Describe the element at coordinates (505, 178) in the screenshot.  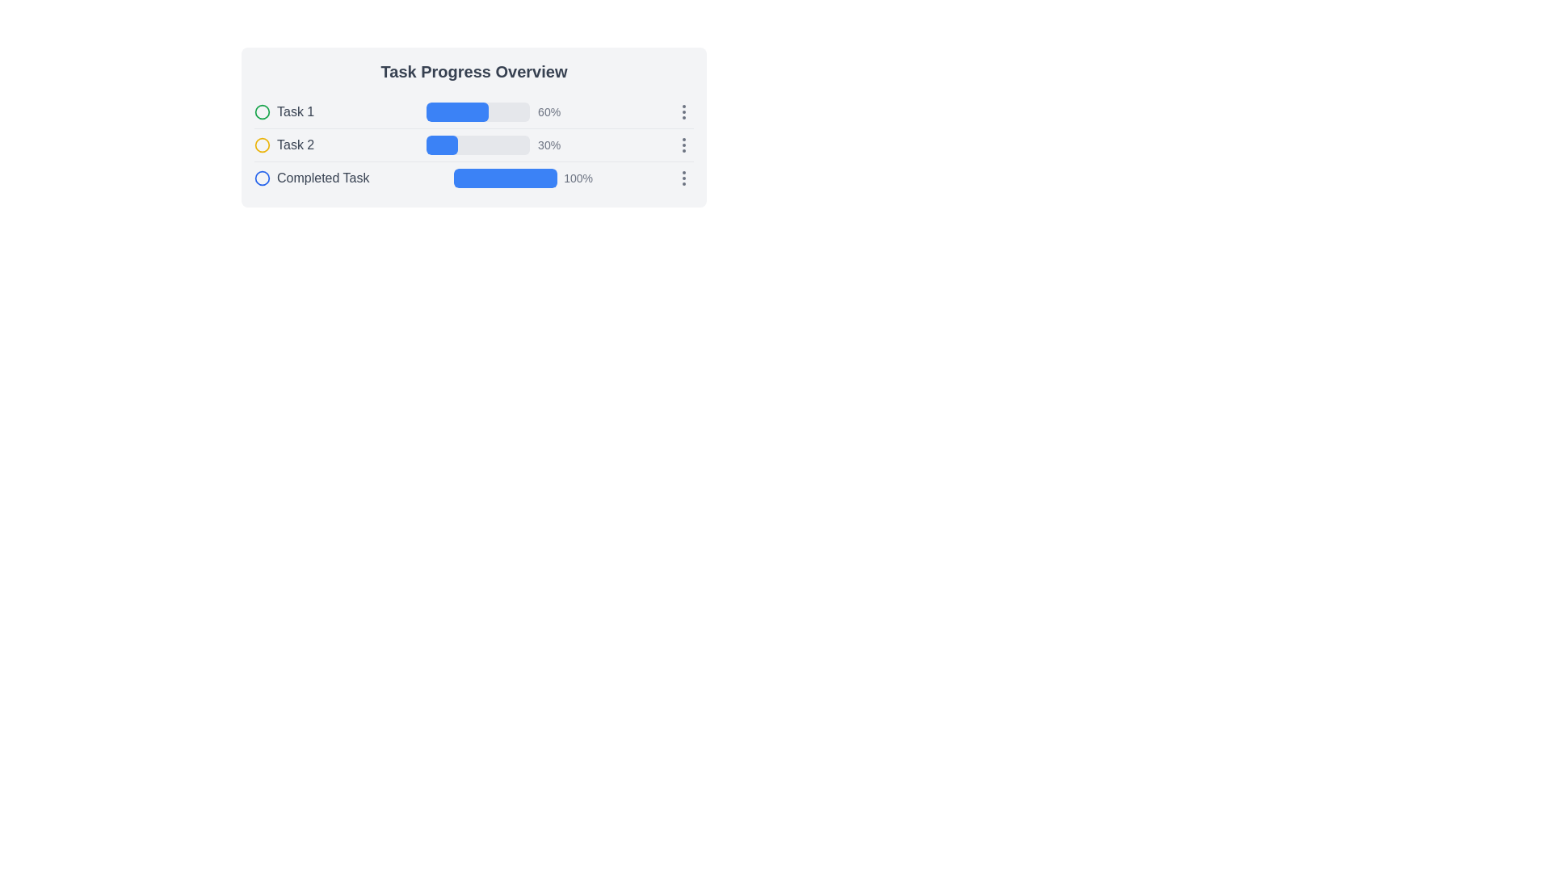
I see `the Progress bar located in the 'Task Progress Overview' section, specifically in the 'Completed Task' row, which visually indicates the completion percentage of a task` at that location.